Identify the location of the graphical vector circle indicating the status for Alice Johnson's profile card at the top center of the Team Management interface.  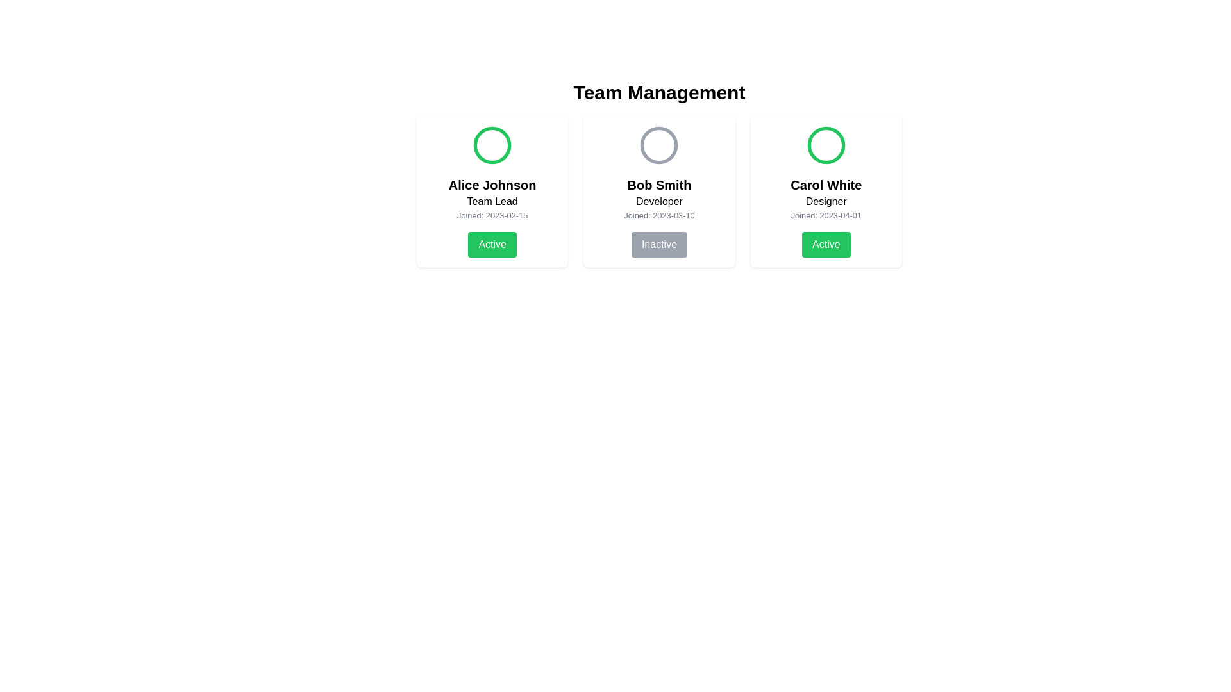
(492, 145).